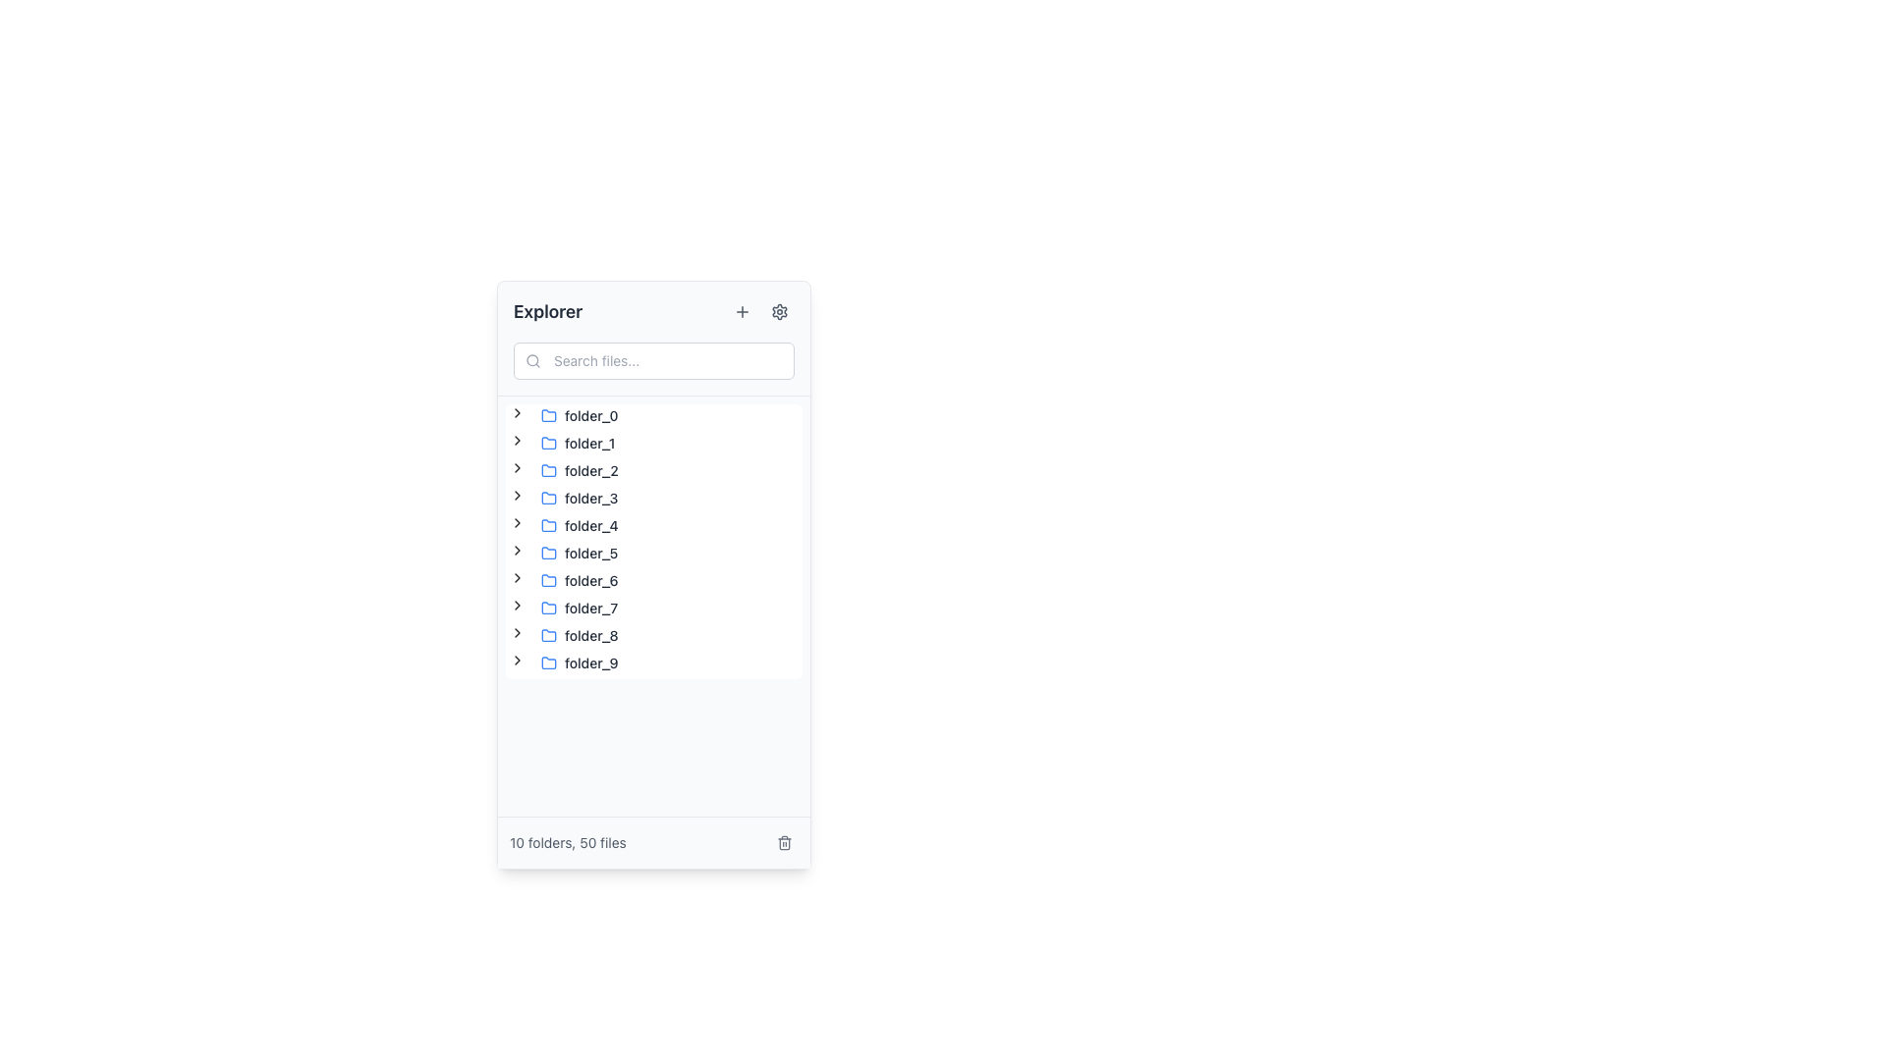 This screenshot has height=1060, width=1886. What do you see at coordinates (548, 553) in the screenshot?
I see `the small light blue folder icon located to the left of the text 'folder_5' in the files explorer interface` at bounding box center [548, 553].